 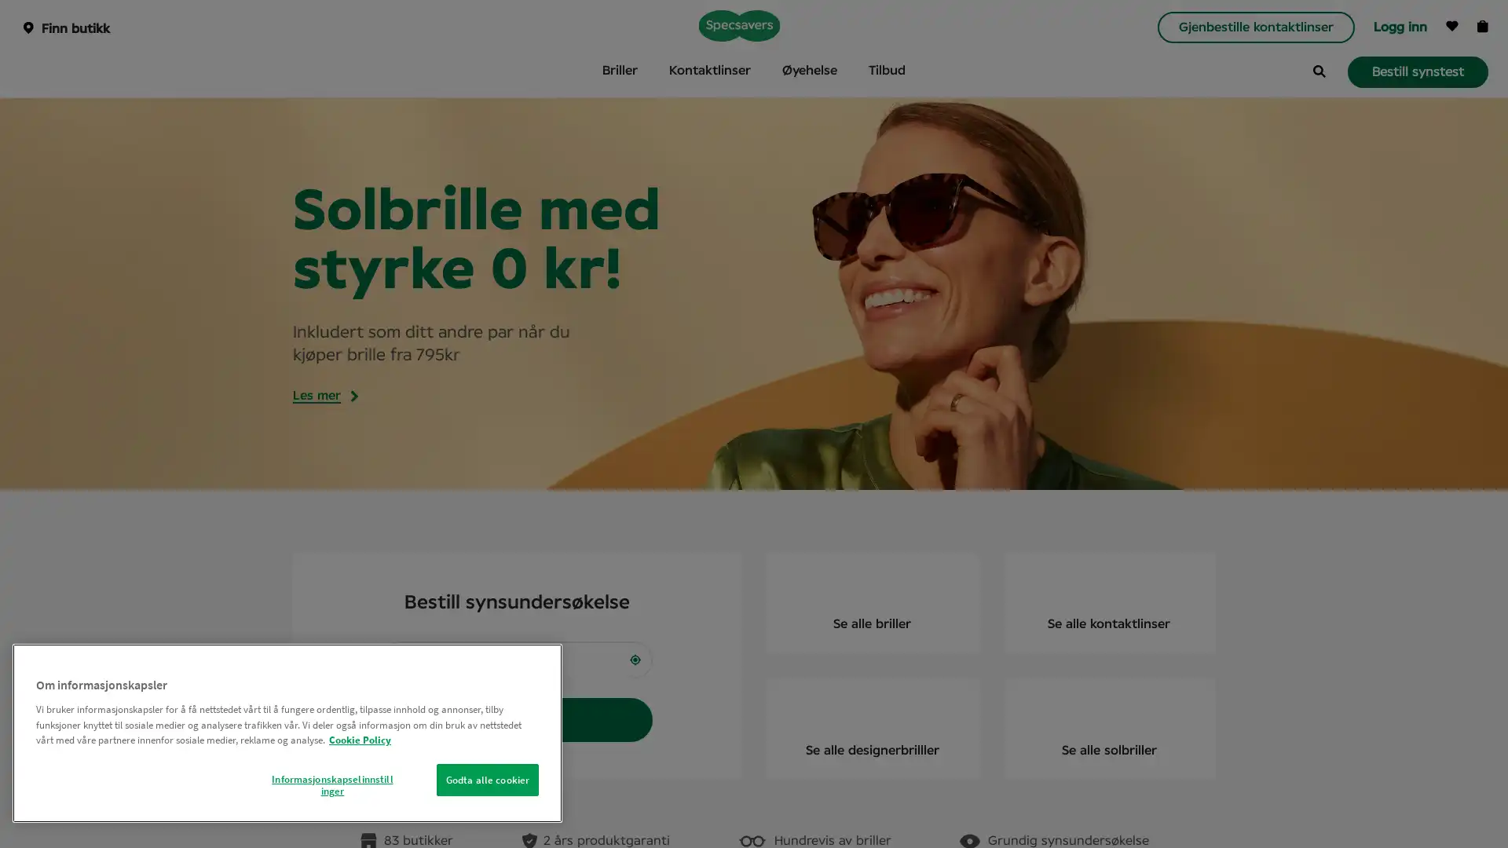 What do you see at coordinates (486, 779) in the screenshot?
I see `Godta alle cookier` at bounding box center [486, 779].